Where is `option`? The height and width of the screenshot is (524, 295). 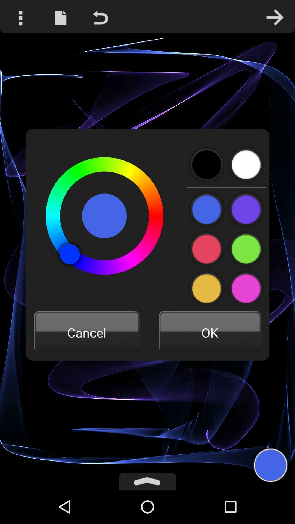 option is located at coordinates (246, 165).